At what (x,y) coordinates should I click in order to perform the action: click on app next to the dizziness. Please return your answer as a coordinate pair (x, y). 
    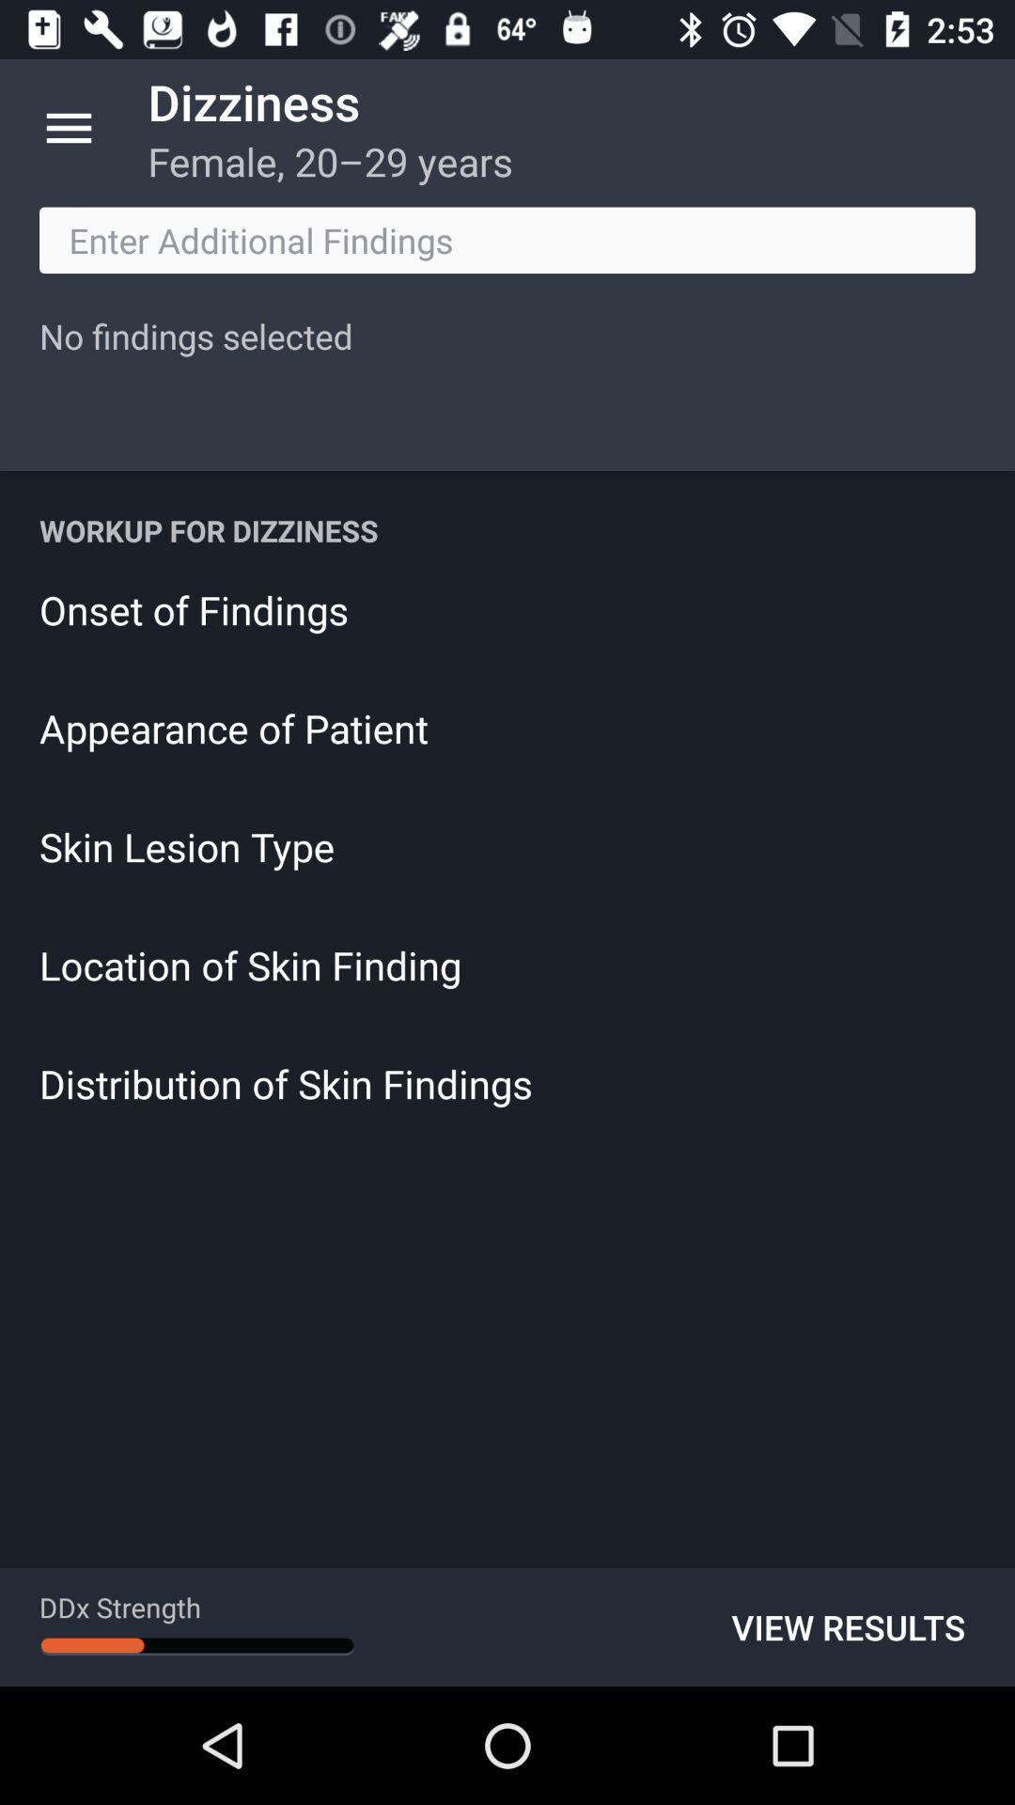
    Looking at the image, I should click on (68, 127).